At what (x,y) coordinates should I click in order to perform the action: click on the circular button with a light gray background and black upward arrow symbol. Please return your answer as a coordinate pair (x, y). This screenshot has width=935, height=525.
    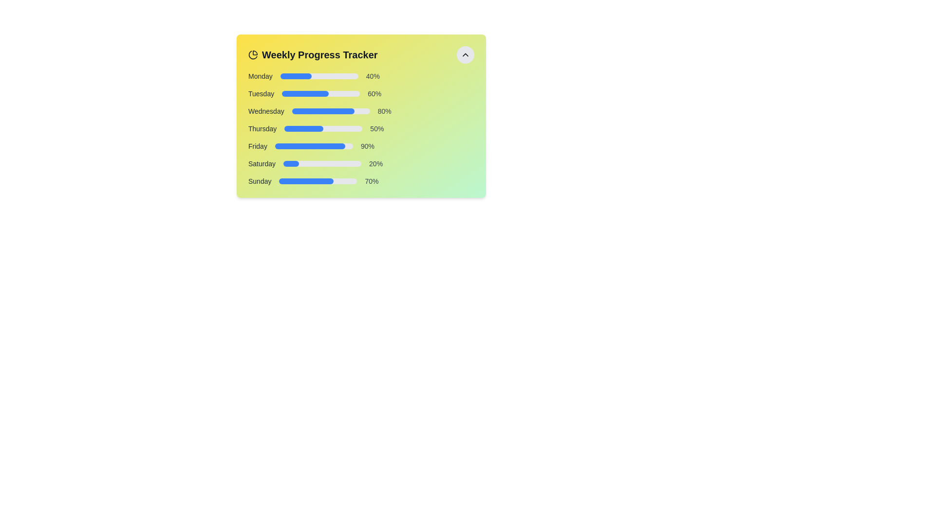
    Looking at the image, I should click on (465, 54).